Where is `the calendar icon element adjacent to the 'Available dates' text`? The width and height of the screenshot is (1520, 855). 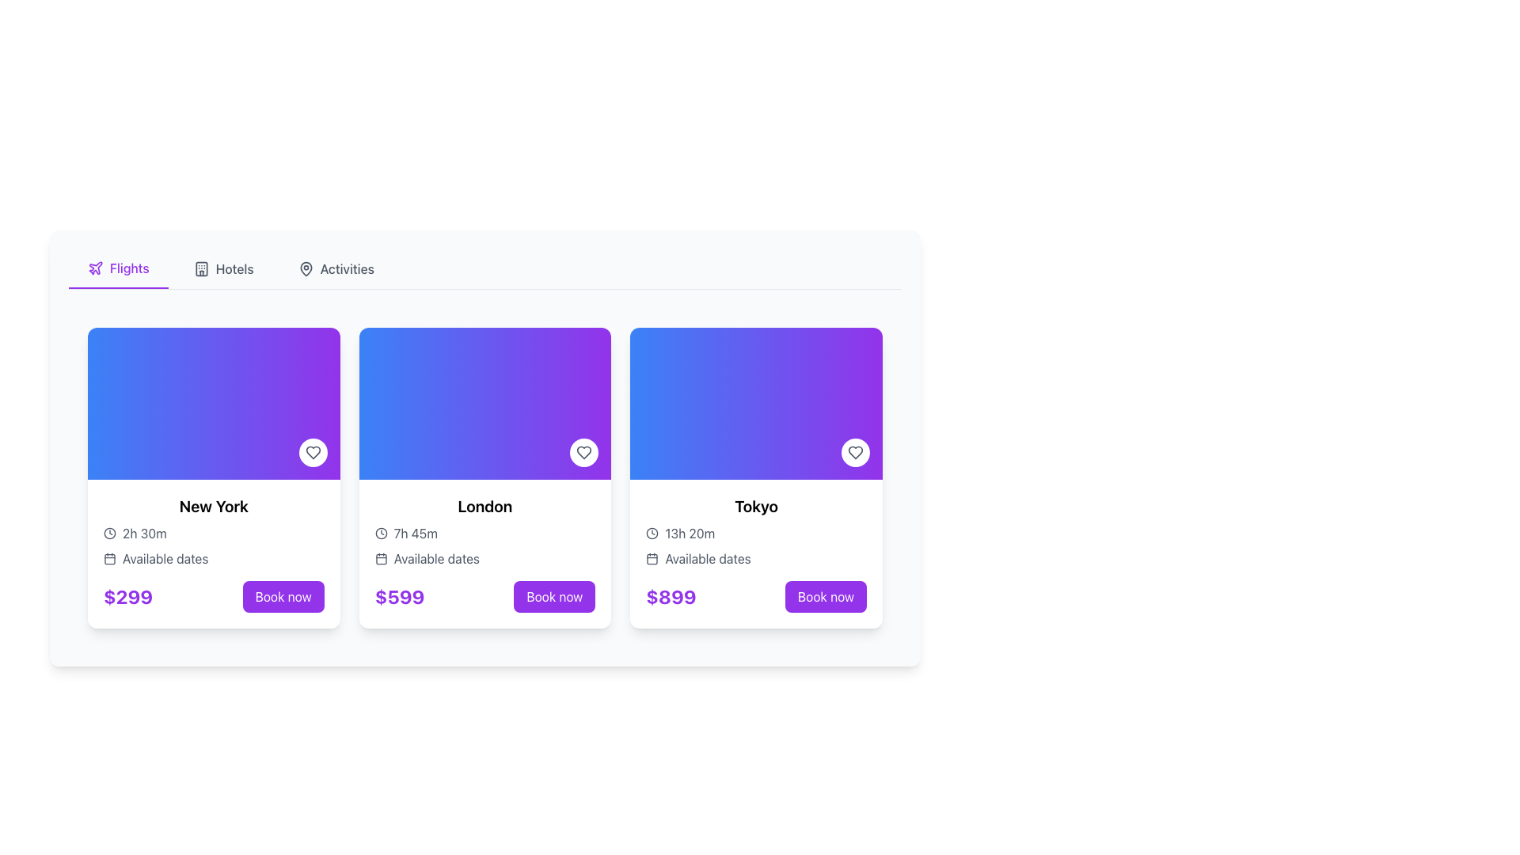
the calendar icon element adjacent to the 'Available dates' text is located at coordinates (652, 557).